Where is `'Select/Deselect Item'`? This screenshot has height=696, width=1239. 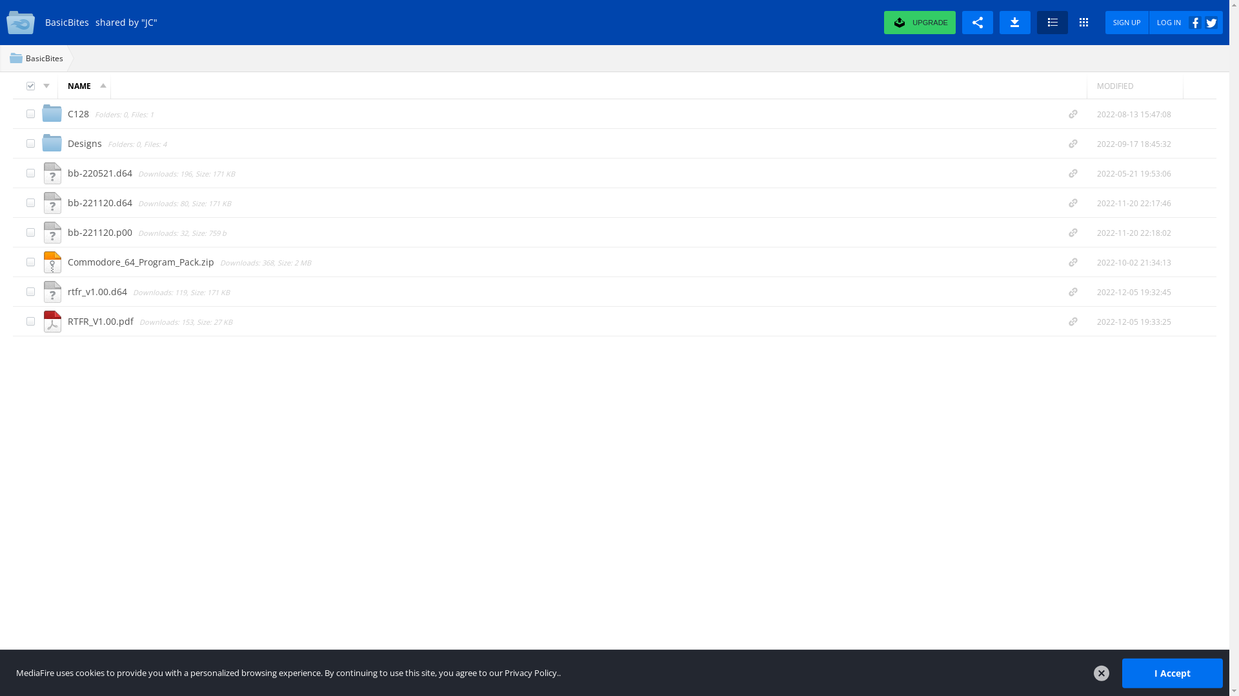 'Select/Deselect Item' is located at coordinates (30, 291).